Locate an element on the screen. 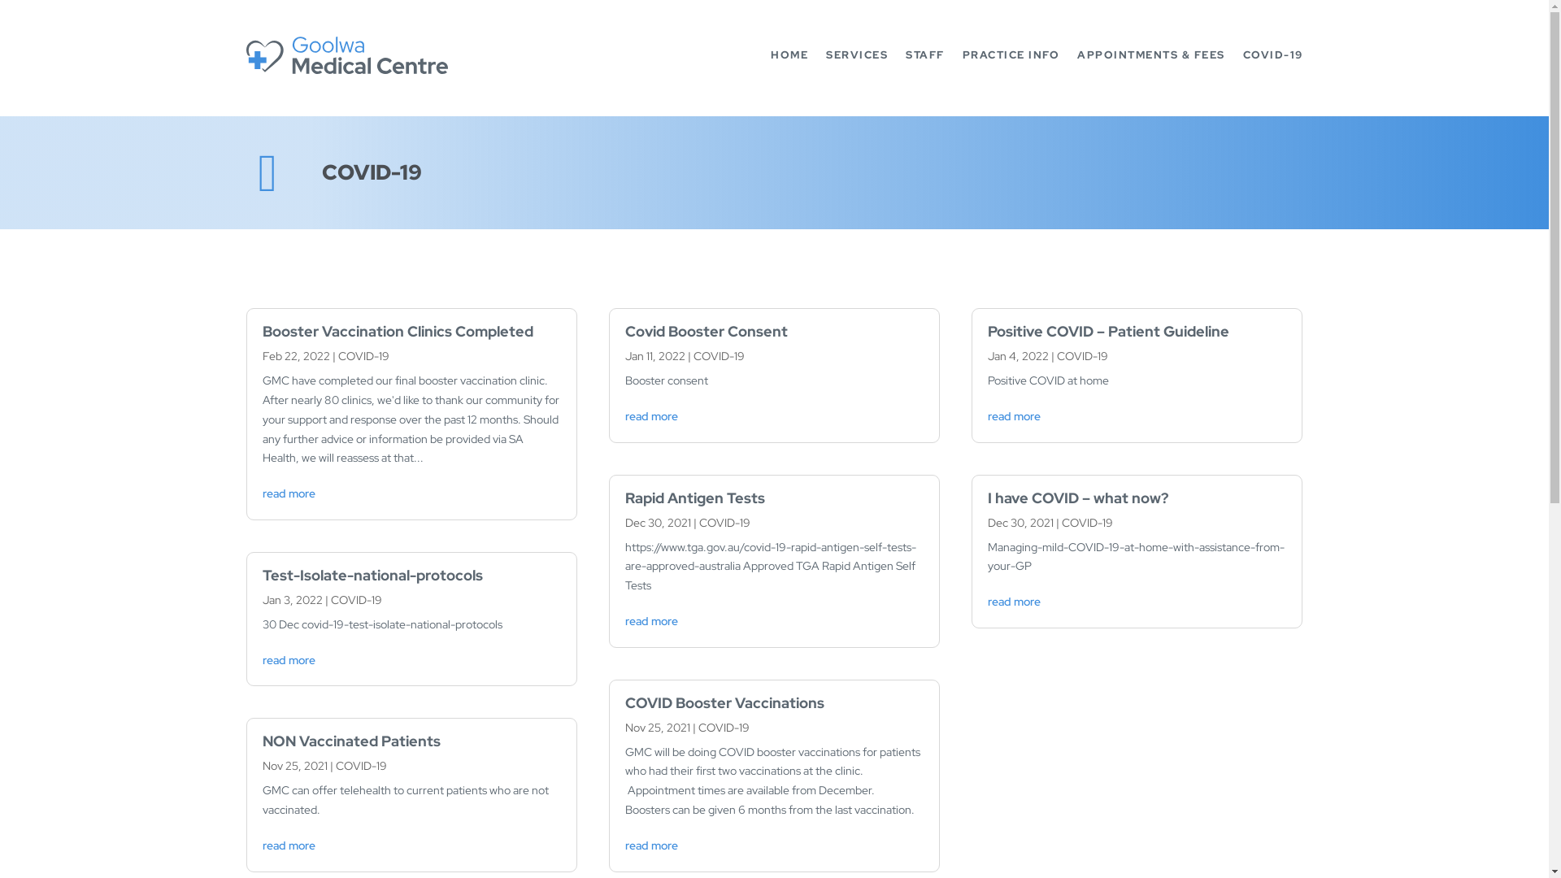 Image resolution: width=1561 pixels, height=878 pixels. 'COVID-19' is located at coordinates (1087, 523).